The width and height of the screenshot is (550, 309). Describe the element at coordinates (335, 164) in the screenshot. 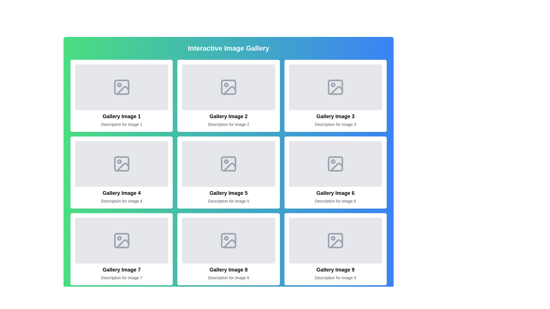

I see `the SVG Rect Element that serves as a bounding rectangle in the second row, center column of the 3x3 grid, specifically within 'Gallery Image 6'` at that location.